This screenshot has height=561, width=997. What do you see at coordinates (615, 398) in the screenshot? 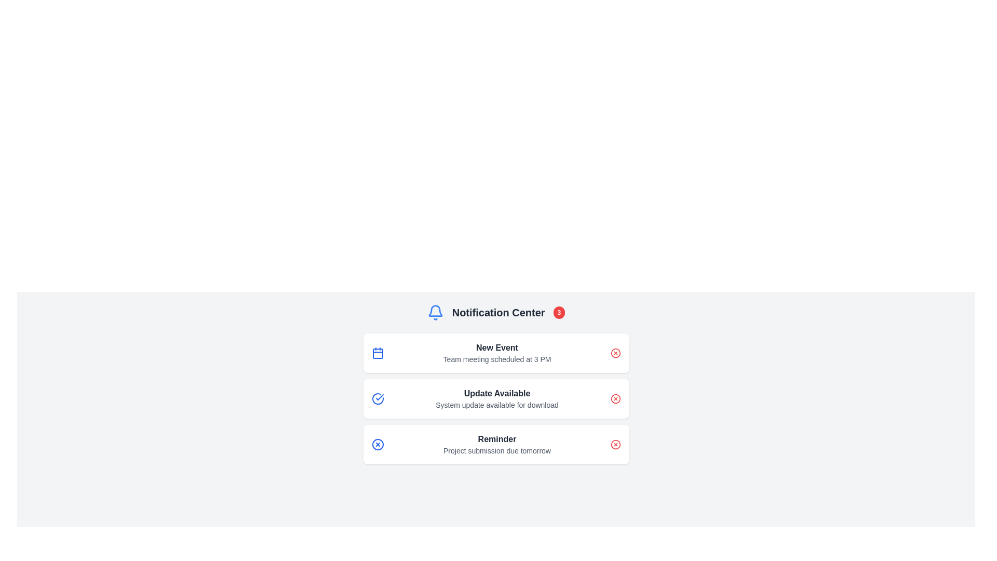
I see `the close button located in the top-right corner of the 'Update Available' notification card` at bounding box center [615, 398].